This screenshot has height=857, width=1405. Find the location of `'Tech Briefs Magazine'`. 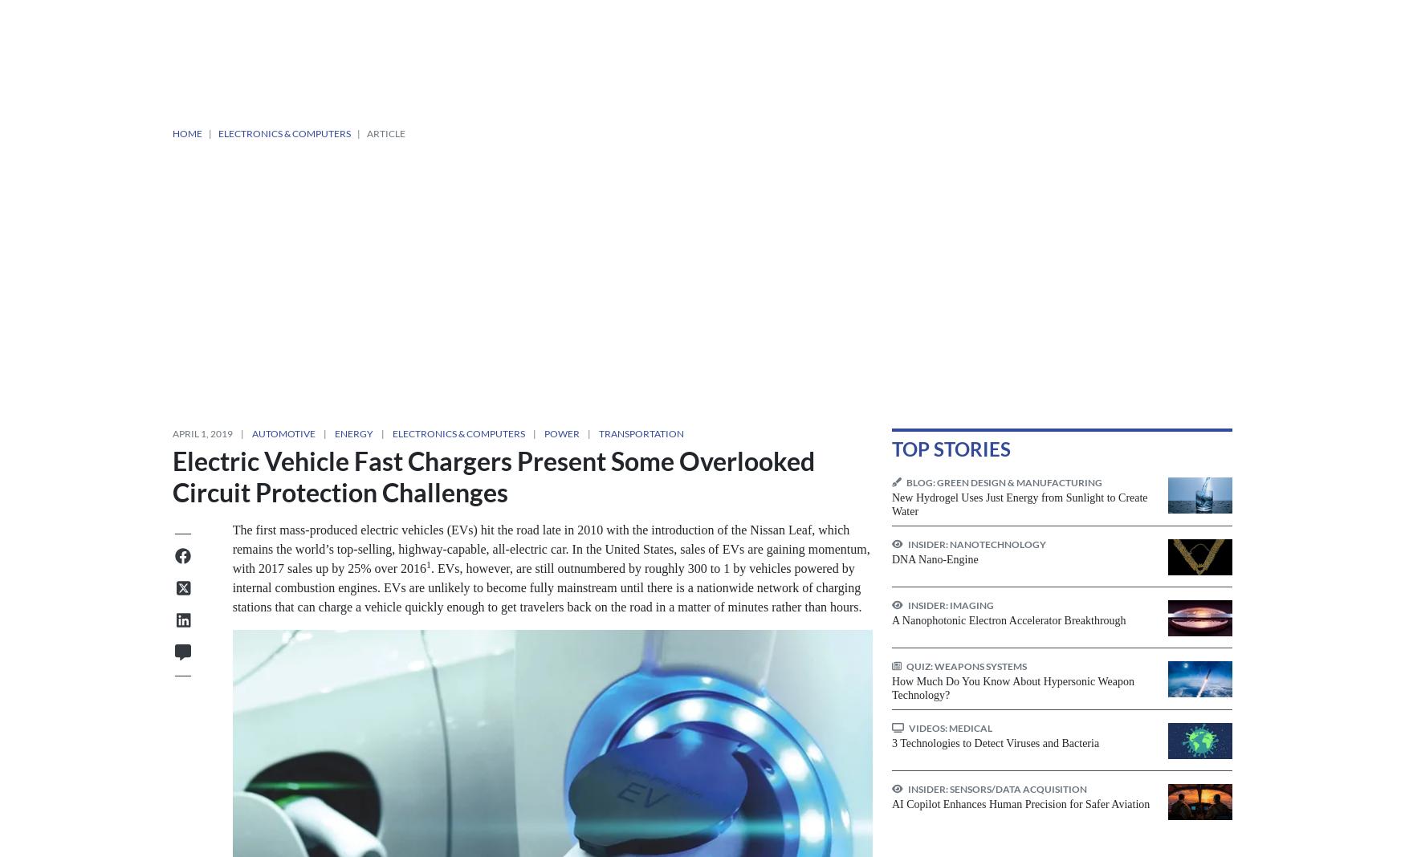

'Tech Briefs Magazine' is located at coordinates (640, 837).